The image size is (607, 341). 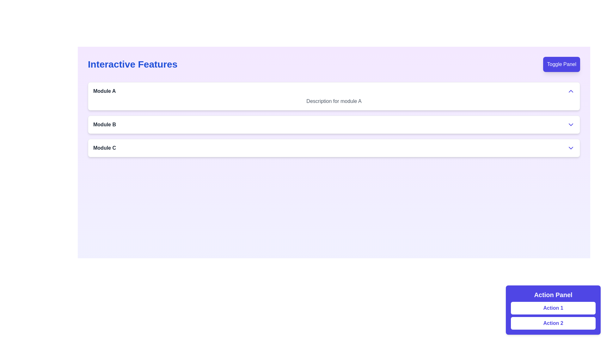 What do you see at coordinates (105, 148) in the screenshot?
I see `the Text label element located in 'Module C', which serves as the title or label of the module, positioned left-aligned adjacent to interactive elements` at bounding box center [105, 148].